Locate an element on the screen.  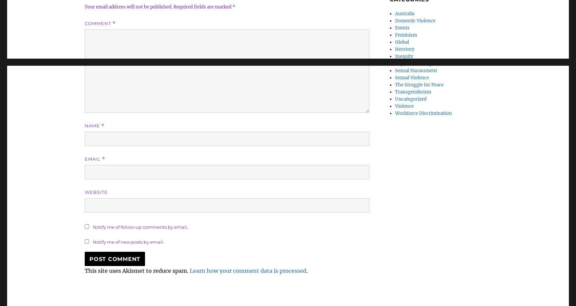
'Global' is located at coordinates (402, 42).